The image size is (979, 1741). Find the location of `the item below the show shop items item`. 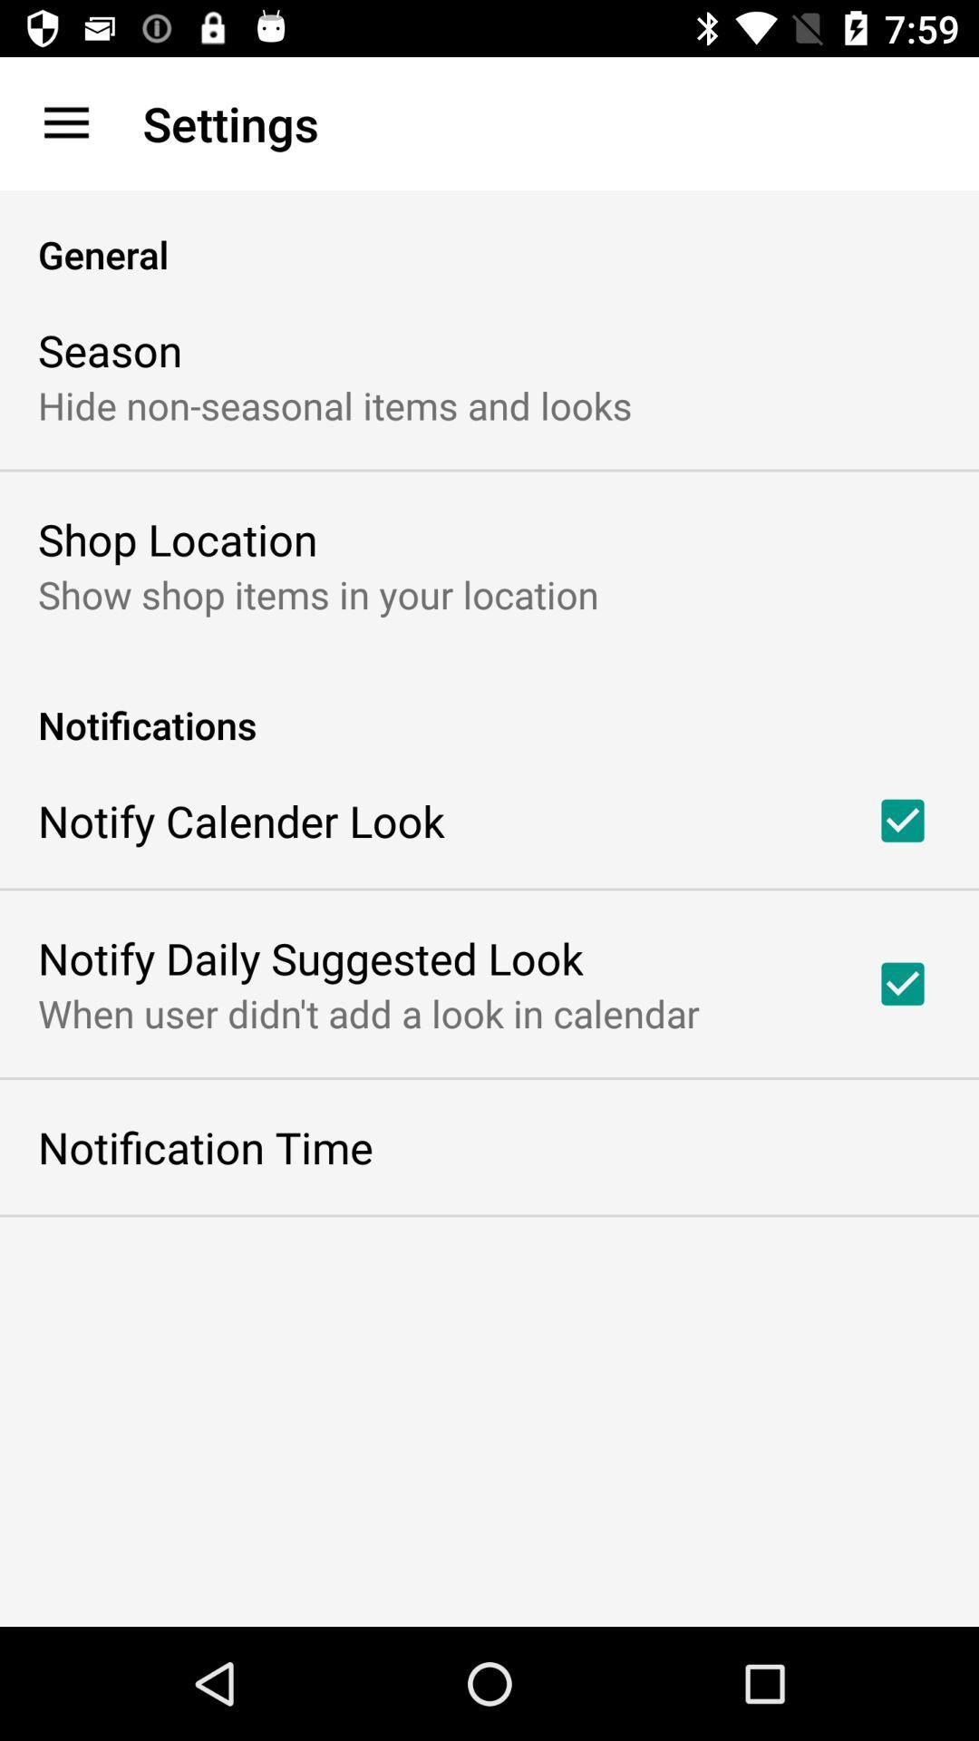

the item below the show shop items item is located at coordinates (489, 705).